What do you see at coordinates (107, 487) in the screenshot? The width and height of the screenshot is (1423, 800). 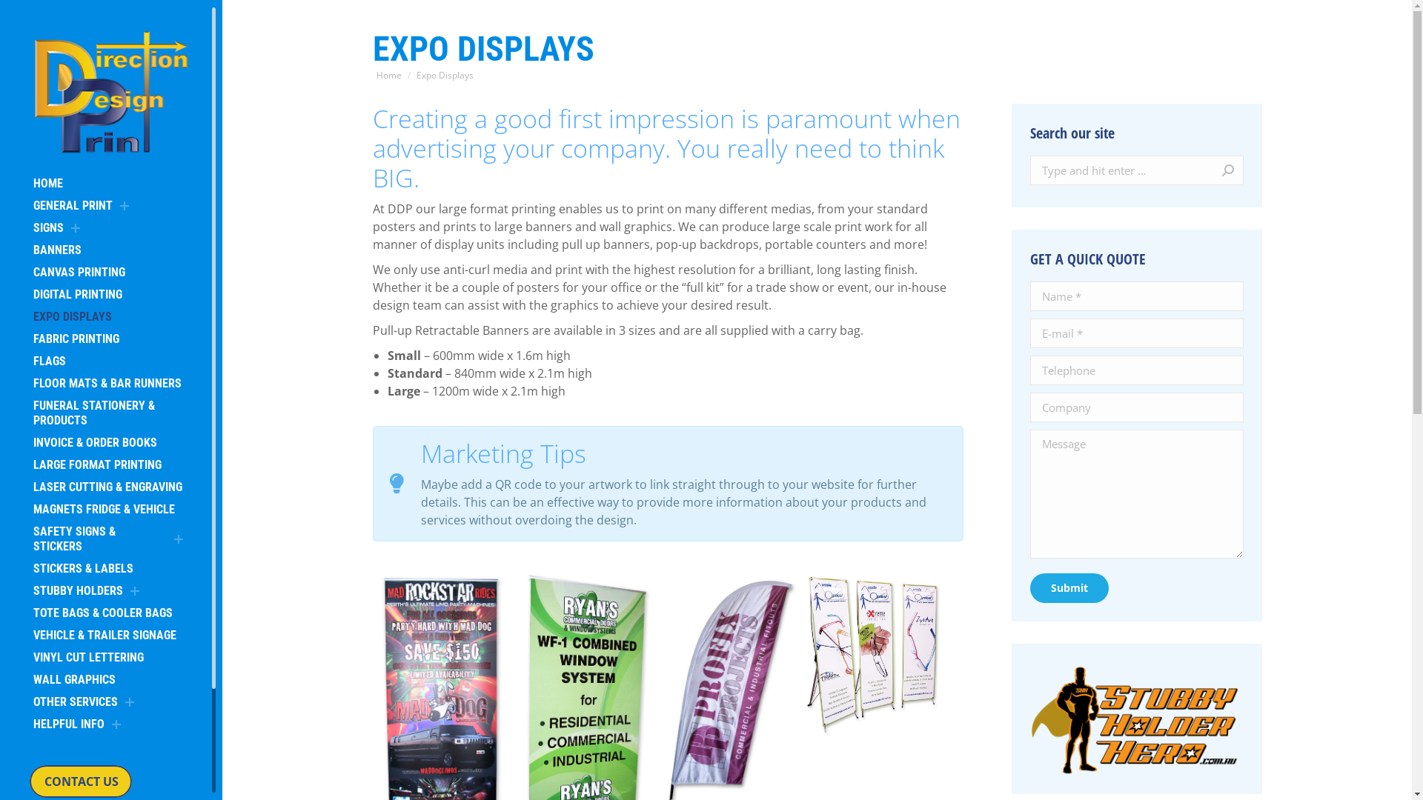 I see `'LASER CUTTING & ENGRAVING'` at bounding box center [107, 487].